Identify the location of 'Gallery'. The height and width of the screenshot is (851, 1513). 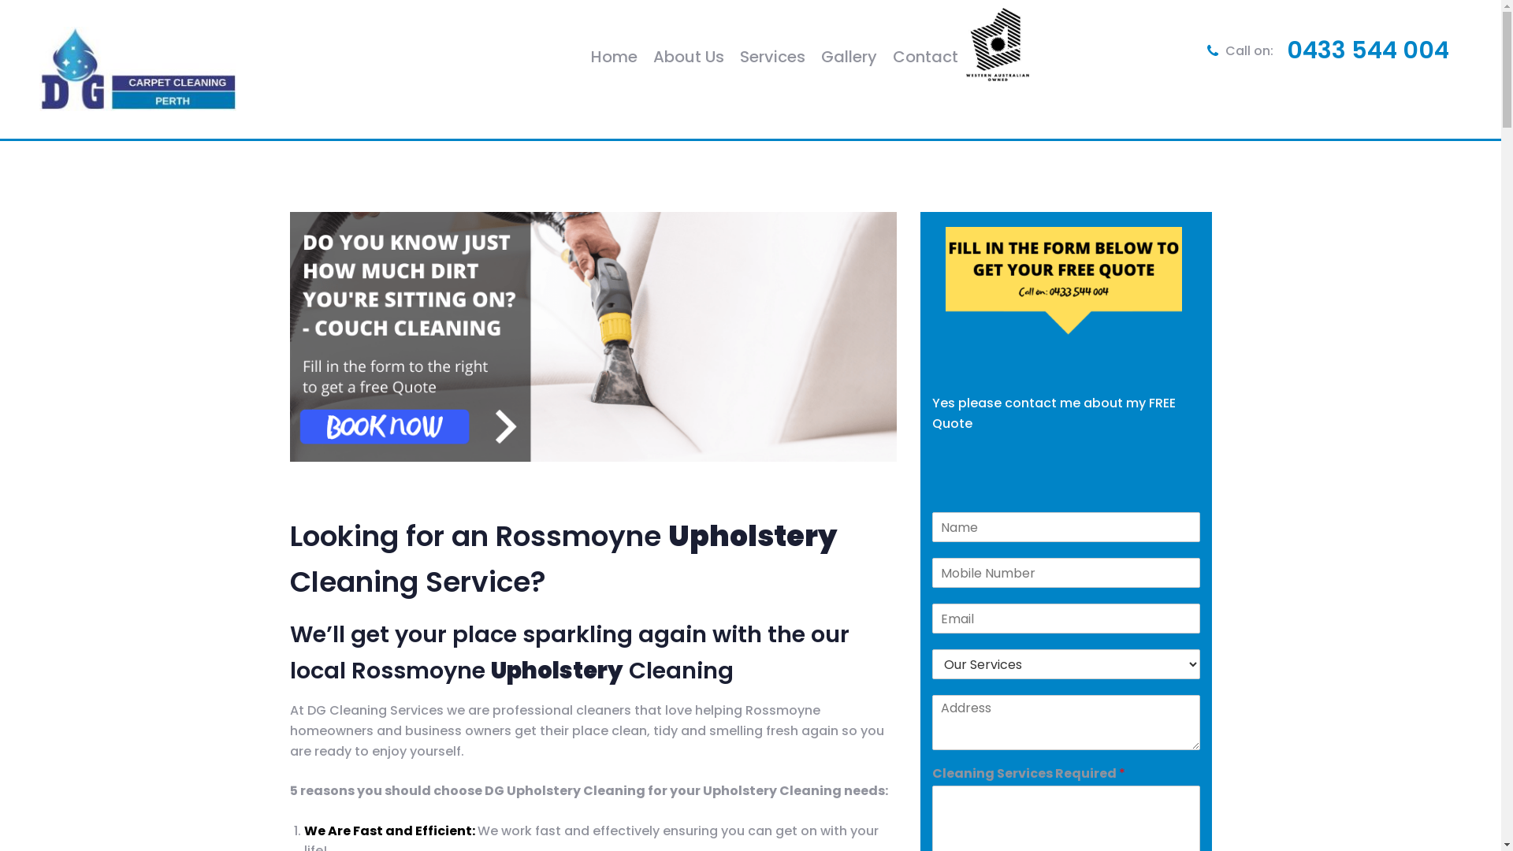
(848, 56).